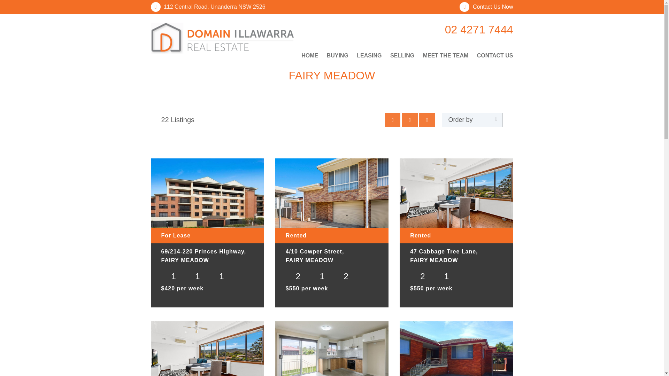 The width and height of the screenshot is (669, 376). What do you see at coordinates (353, 55) in the screenshot?
I see `'LEASING'` at bounding box center [353, 55].